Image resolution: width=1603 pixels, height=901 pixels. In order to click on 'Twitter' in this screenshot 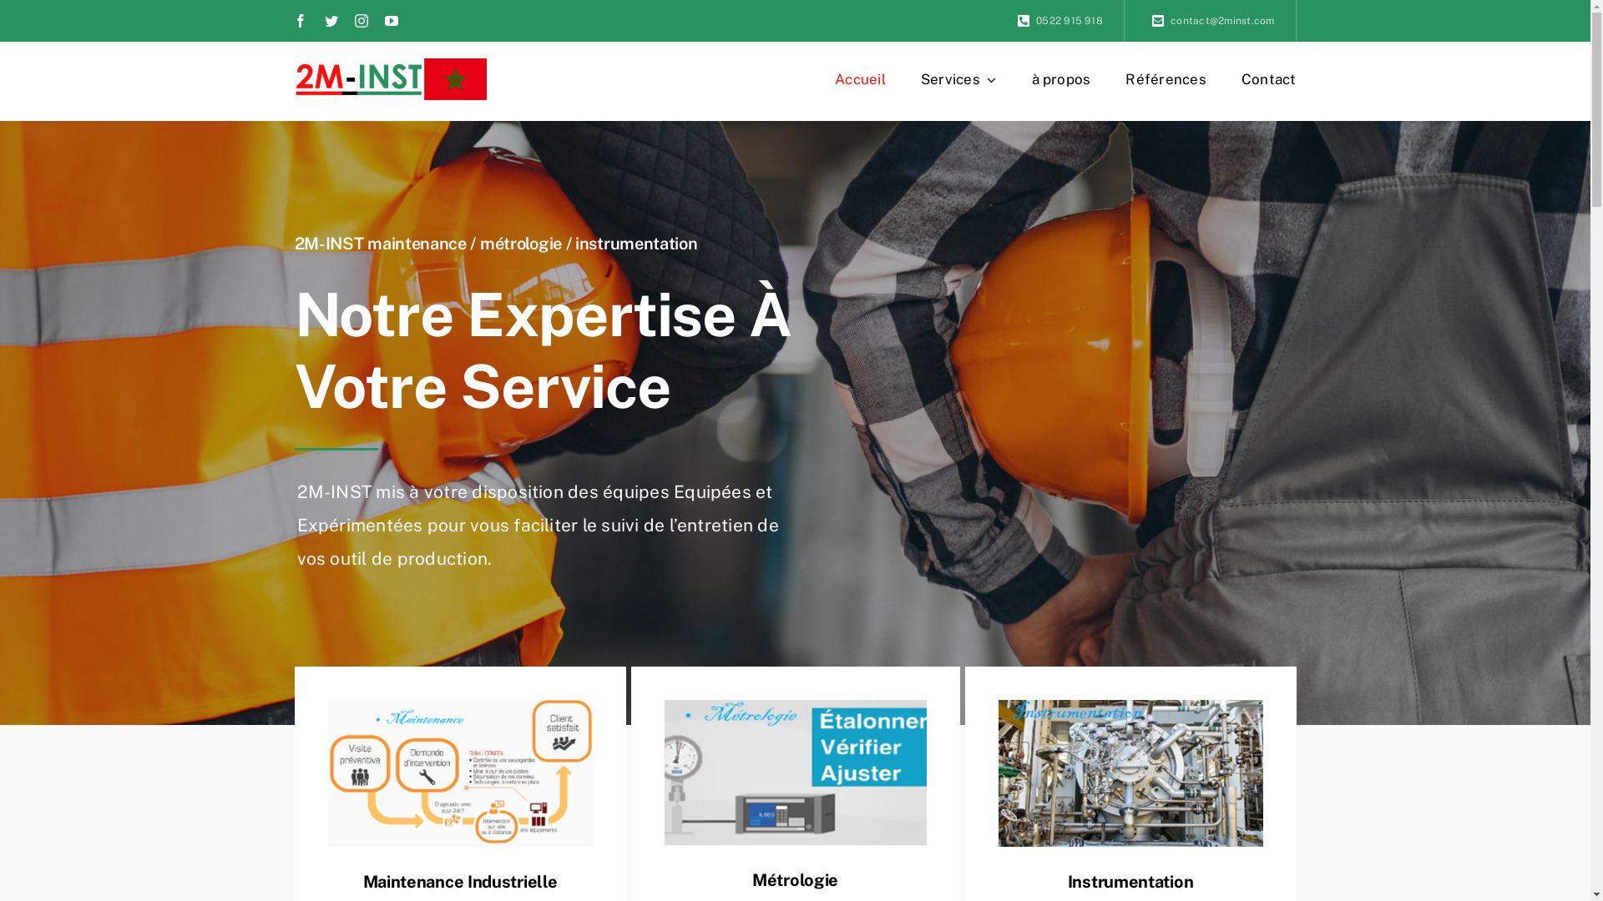, I will do `click(331, 20)`.